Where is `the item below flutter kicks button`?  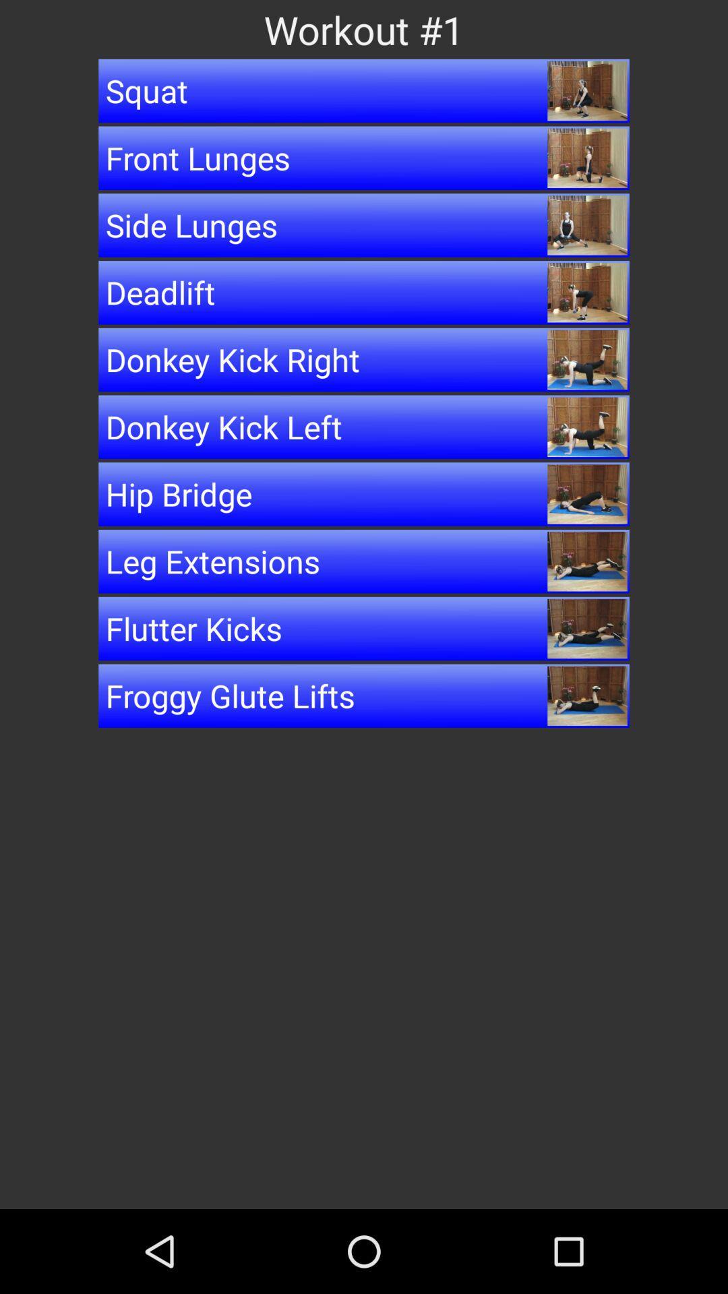
the item below flutter kicks button is located at coordinates (364, 696).